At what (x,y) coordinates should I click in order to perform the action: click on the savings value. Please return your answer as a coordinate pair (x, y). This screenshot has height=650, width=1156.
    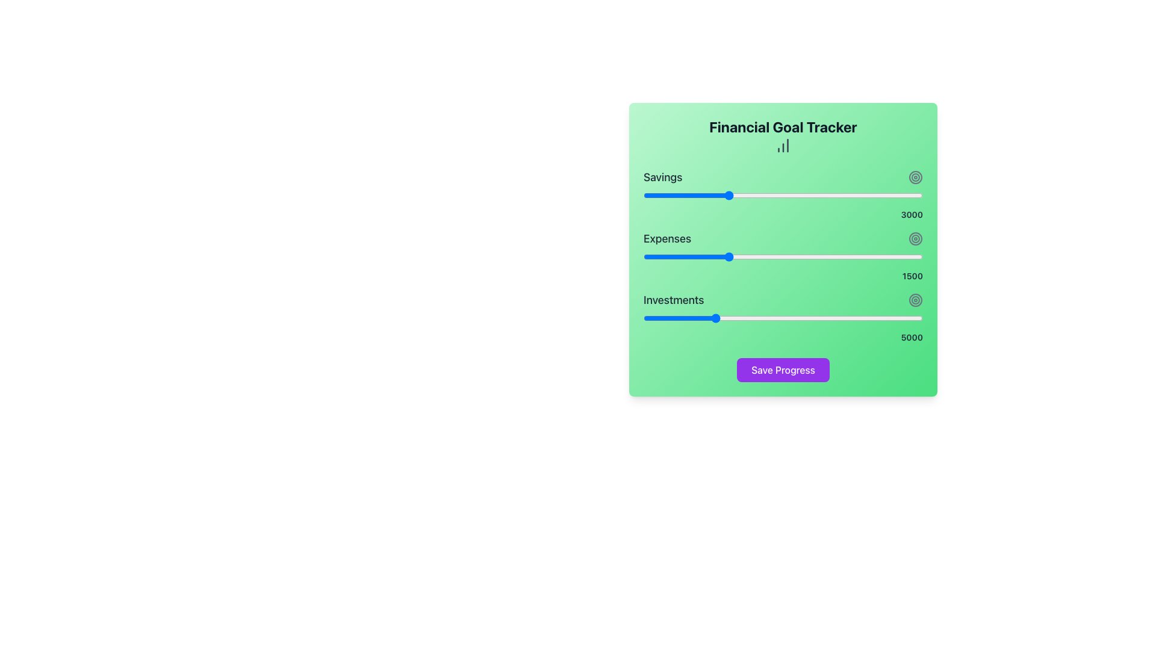
    Looking at the image, I should click on (781, 194).